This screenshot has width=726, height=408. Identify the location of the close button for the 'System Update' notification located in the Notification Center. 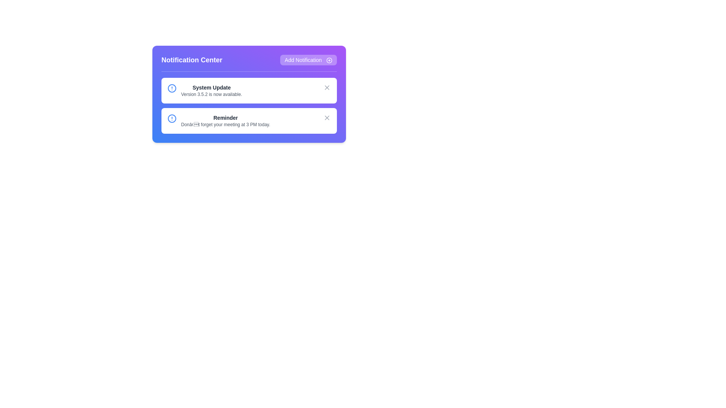
(327, 87).